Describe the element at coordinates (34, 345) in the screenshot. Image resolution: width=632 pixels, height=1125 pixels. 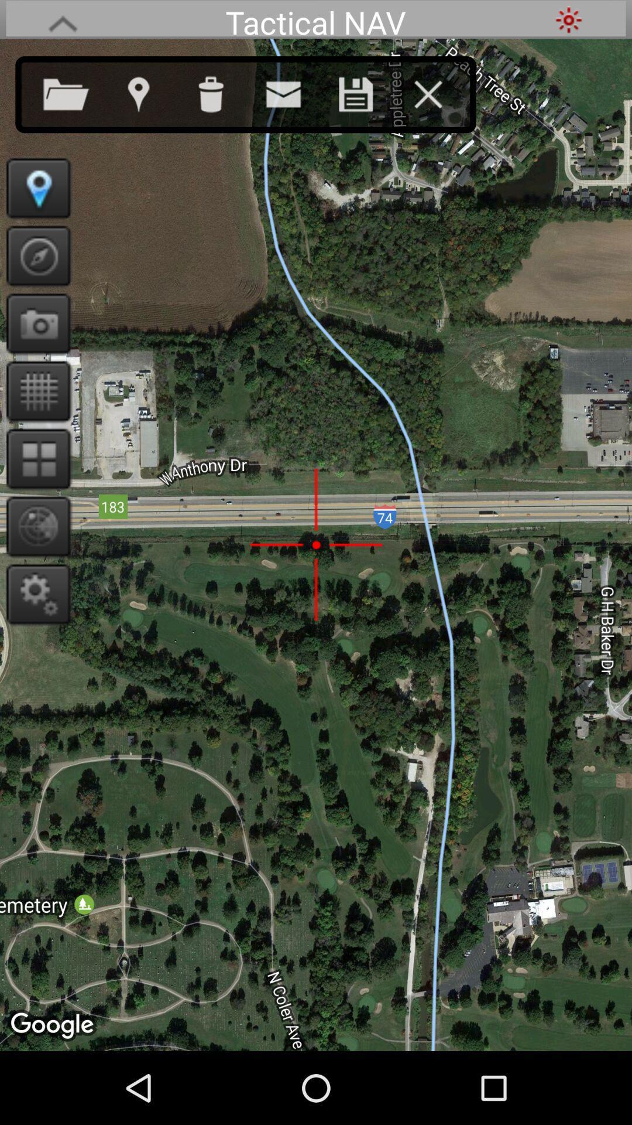
I see `the photo icon` at that location.